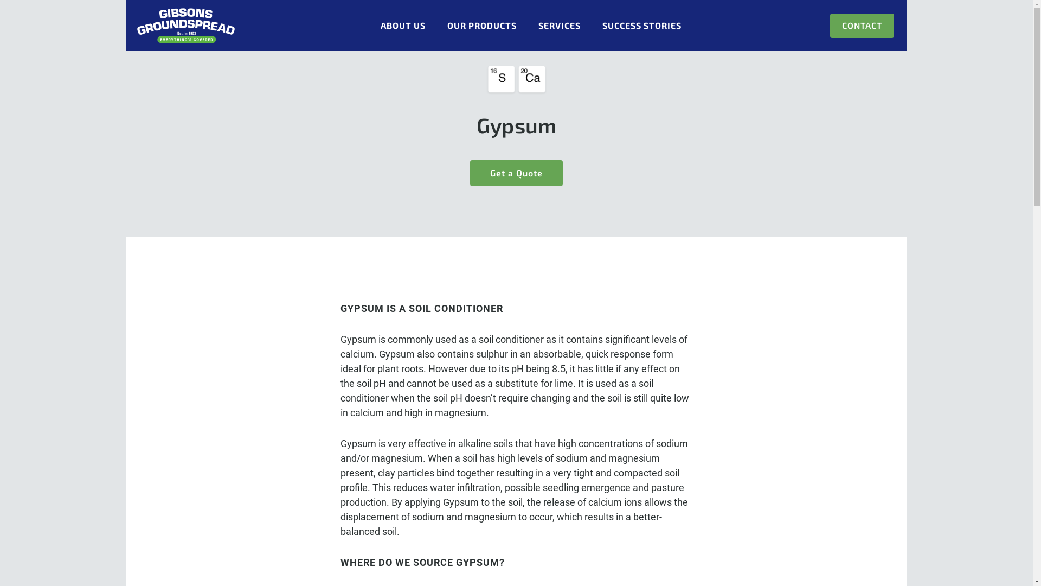 This screenshot has height=586, width=1041. What do you see at coordinates (470, 173) in the screenshot?
I see `'Get a Quote'` at bounding box center [470, 173].